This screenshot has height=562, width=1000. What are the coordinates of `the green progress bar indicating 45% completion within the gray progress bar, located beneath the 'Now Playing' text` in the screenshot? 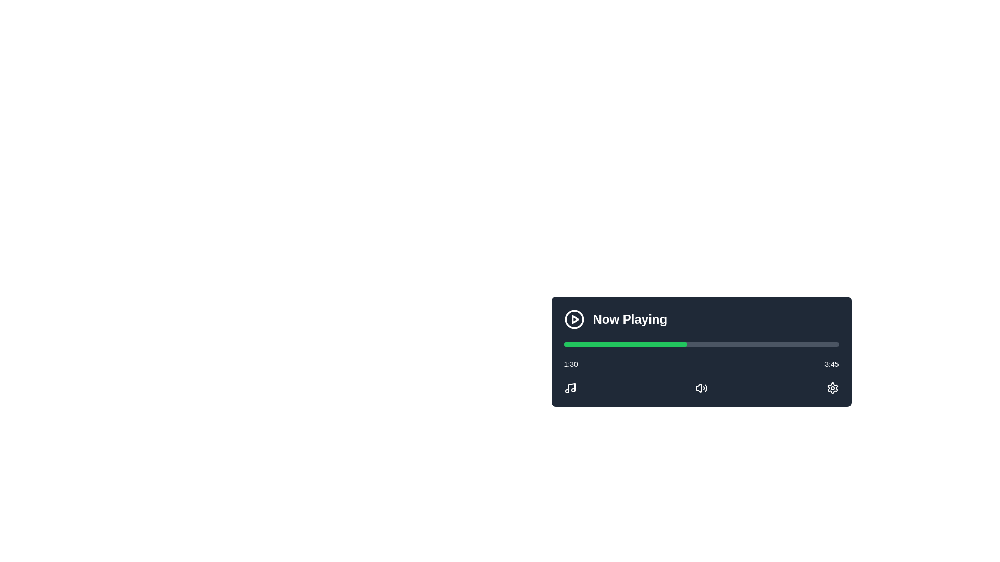 It's located at (625, 344).